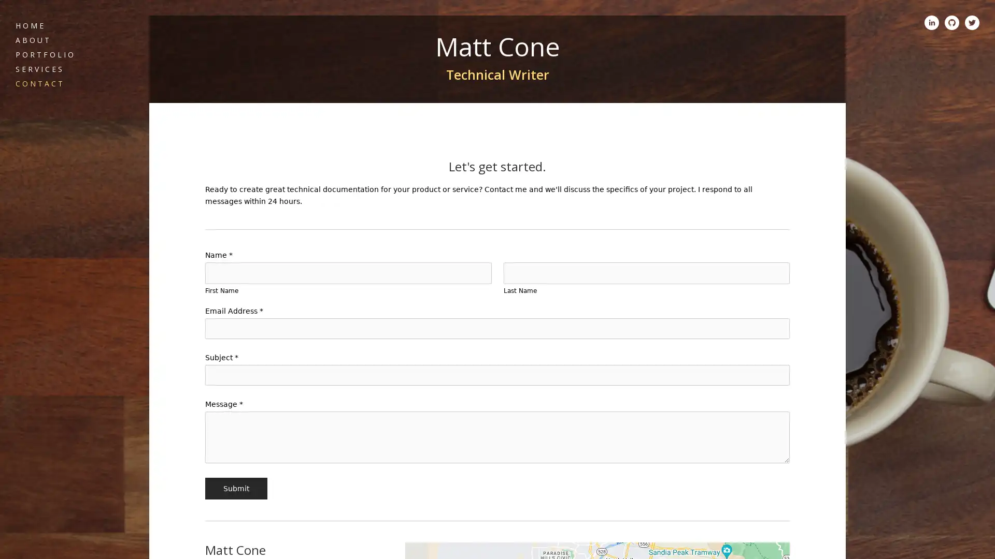 The image size is (995, 559). What do you see at coordinates (235, 489) in the screenshot?
I see `Submit` at bounding box center [235, 489].